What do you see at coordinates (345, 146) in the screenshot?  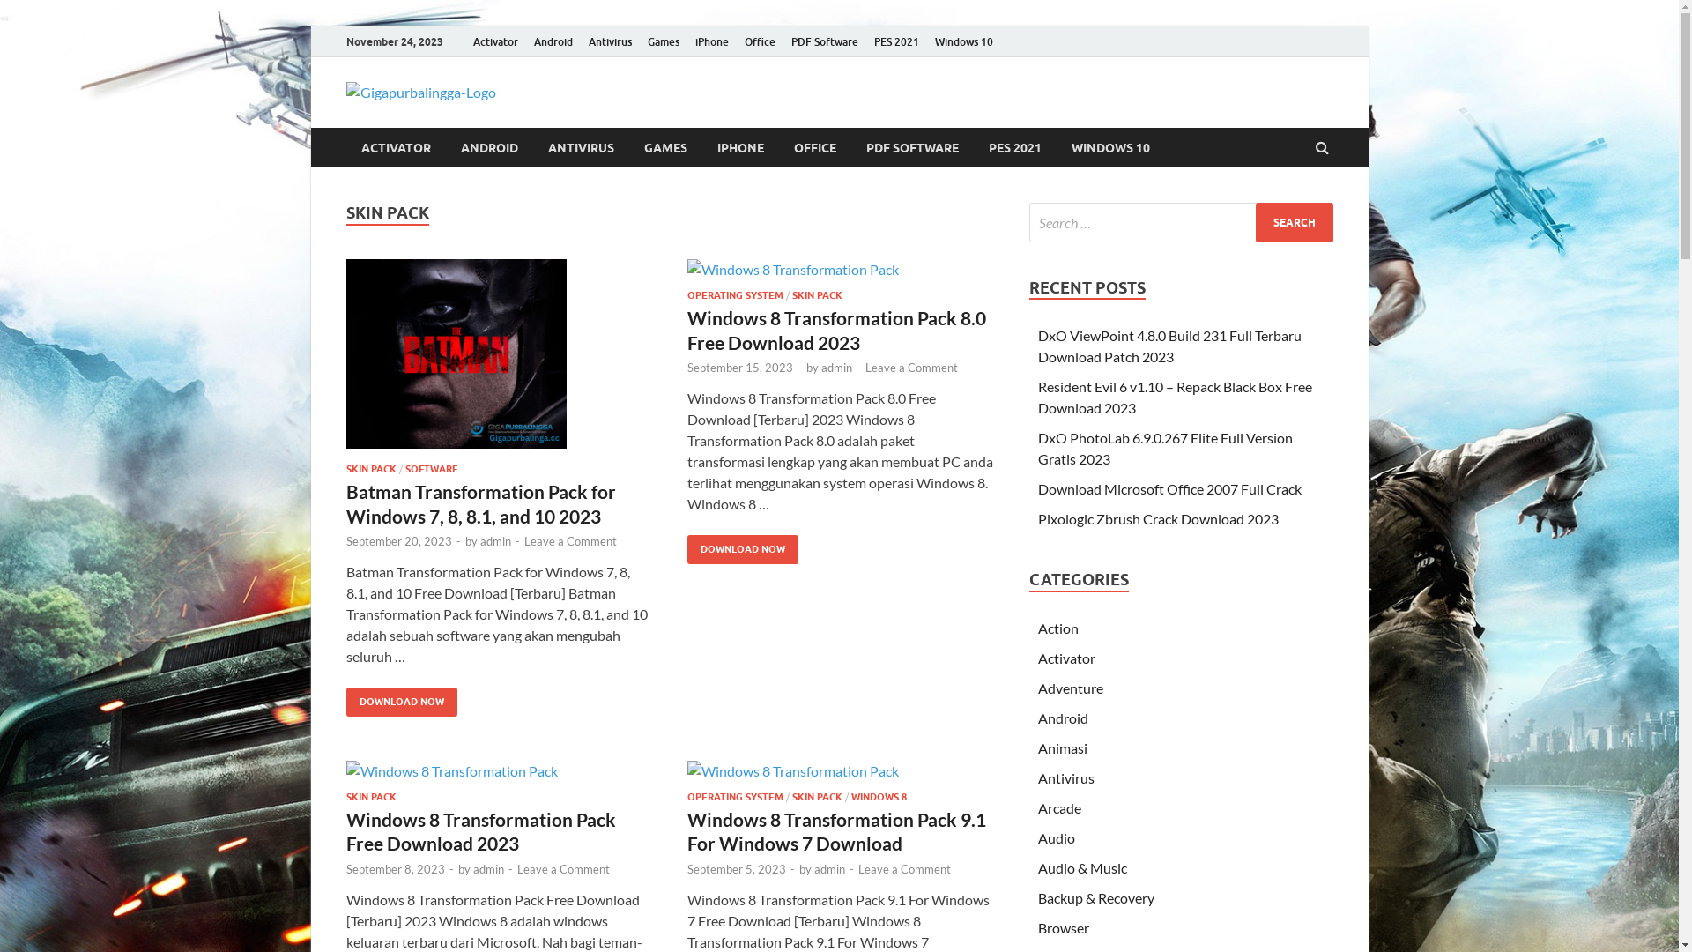 I see `'ACTIVATOR'` at bounding box center [345, 146].